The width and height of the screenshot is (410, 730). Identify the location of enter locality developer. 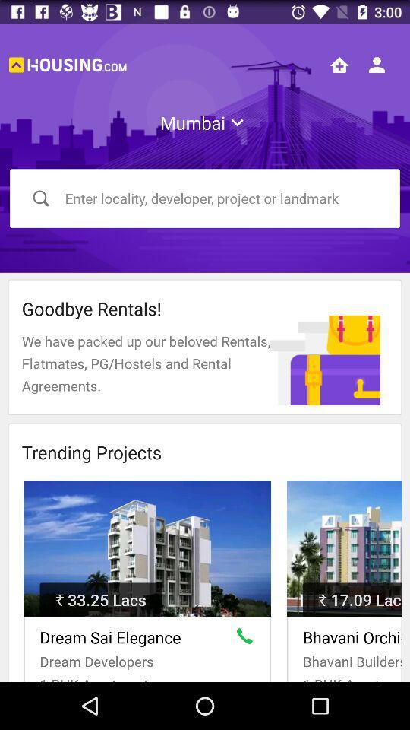
(205, 198).